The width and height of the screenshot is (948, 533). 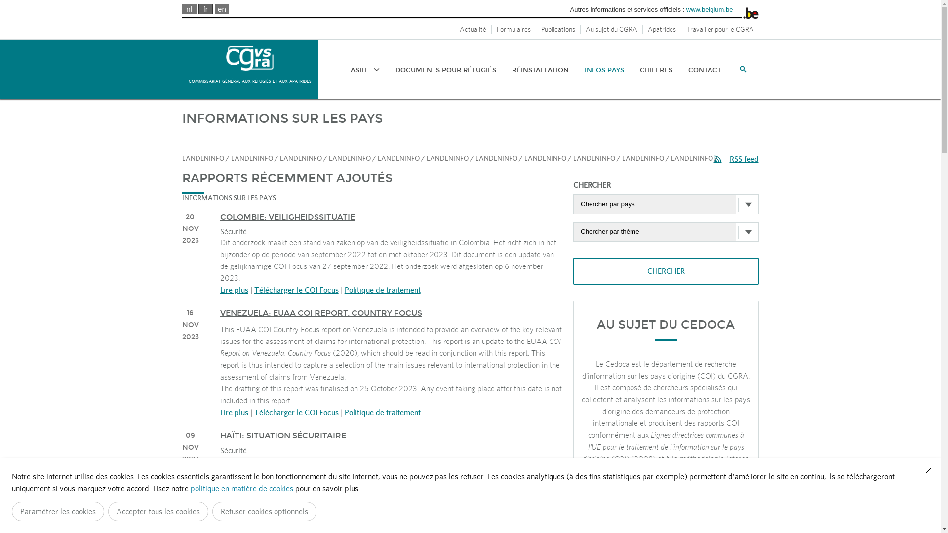 What do you see at coordinates (158, 511) in the screenshot?
I see `'Accepter tous les cookies'` at bounding box center [158, 511].